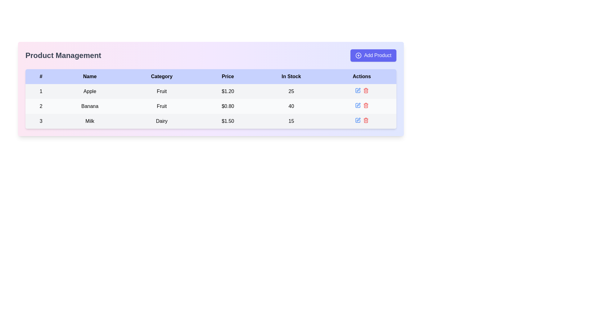 The width and height of the screenshot is (596, 335). I want to click on the 'Fruit' text label located in the 'Category' column of the table corresponding to the product 'Apple', so click(162, 91).